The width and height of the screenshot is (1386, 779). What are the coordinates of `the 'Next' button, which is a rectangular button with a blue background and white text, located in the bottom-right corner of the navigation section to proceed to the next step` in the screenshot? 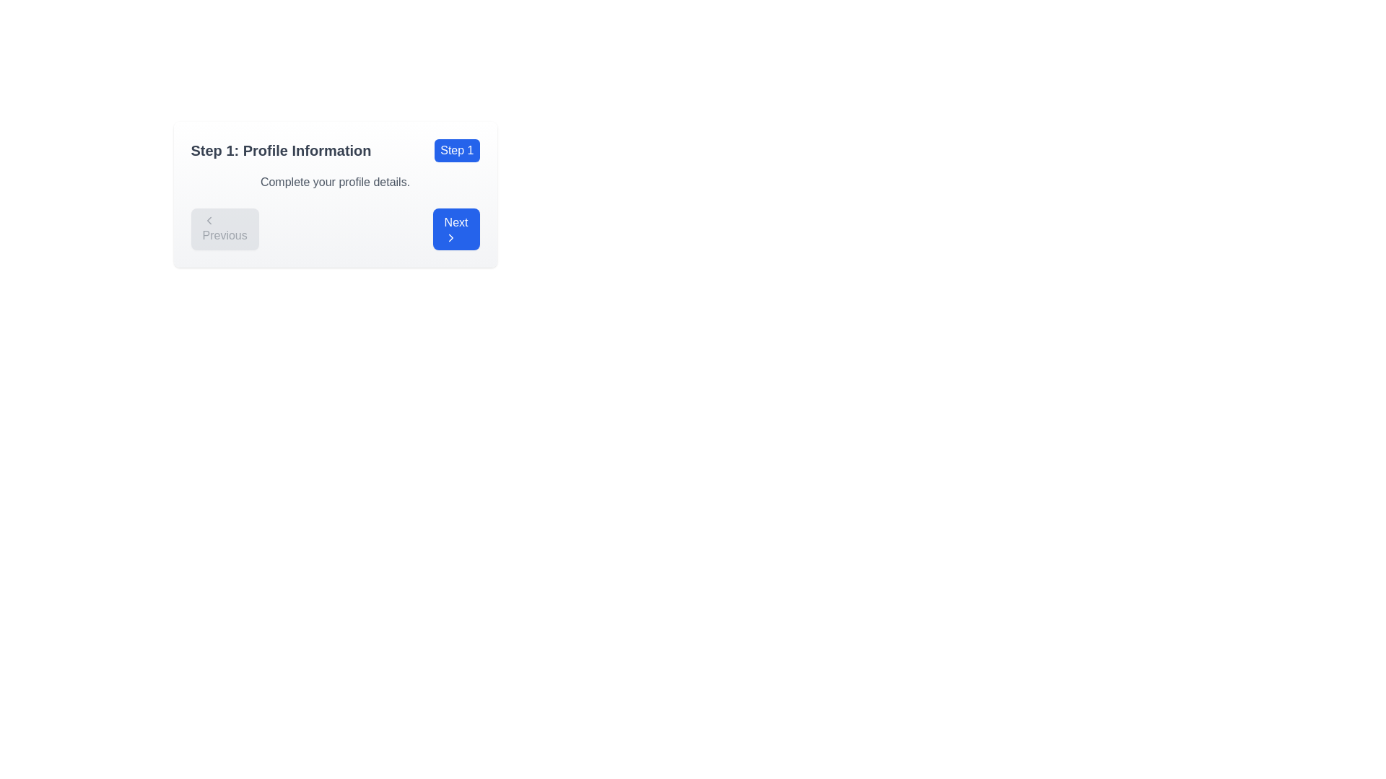 It's located at (456, 228).